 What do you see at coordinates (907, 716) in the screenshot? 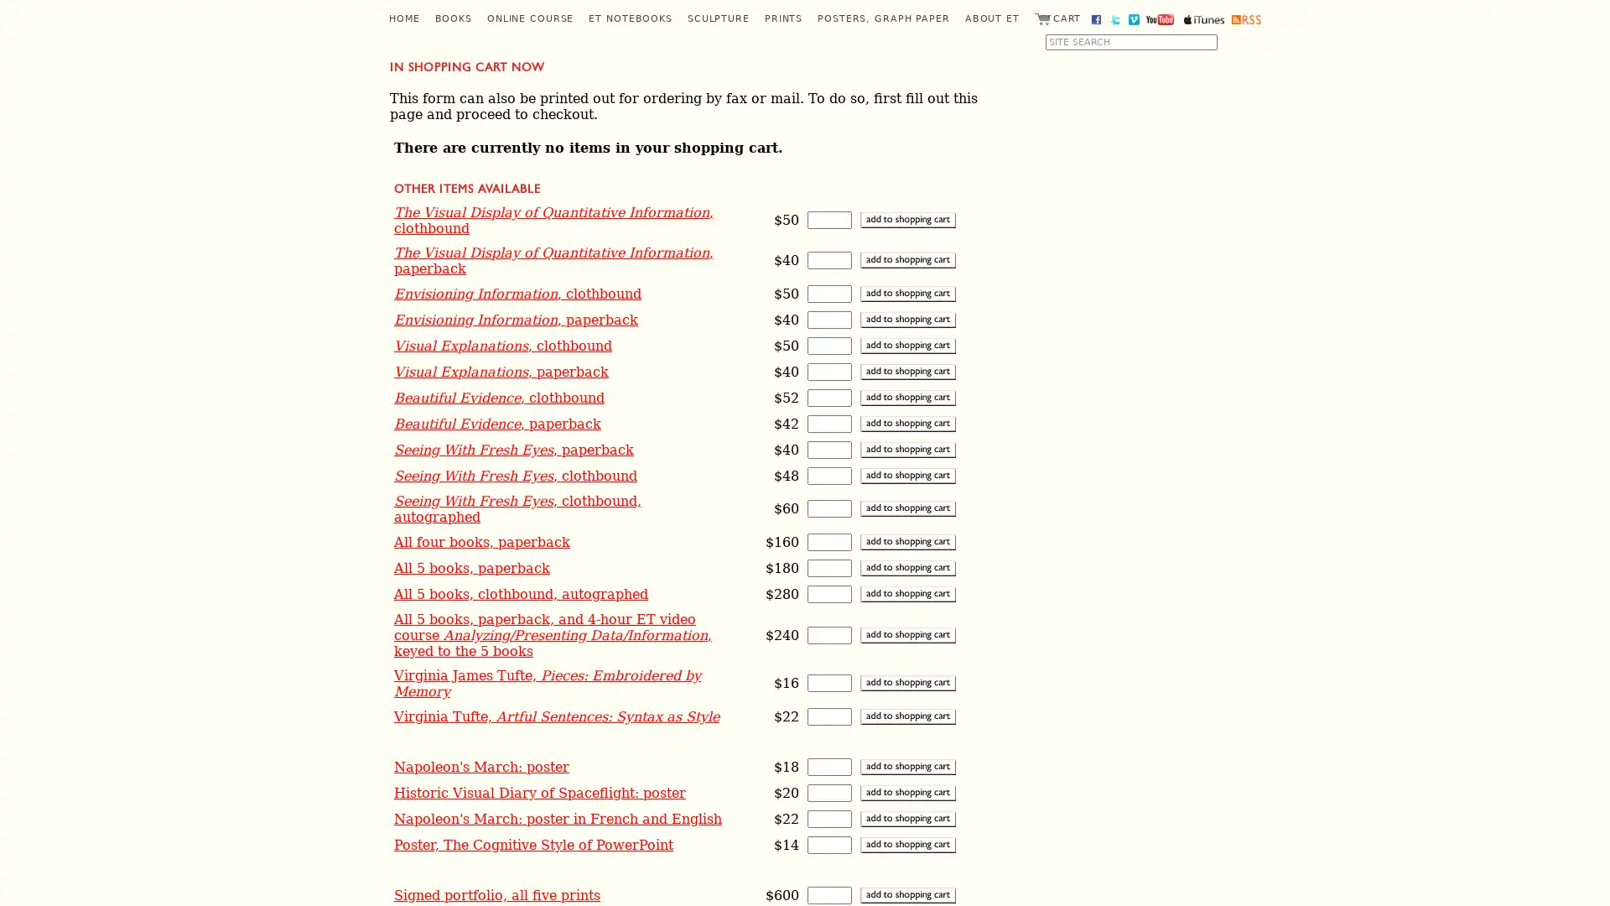
I see `add to shopping cart` at bounding box center [907, 716].